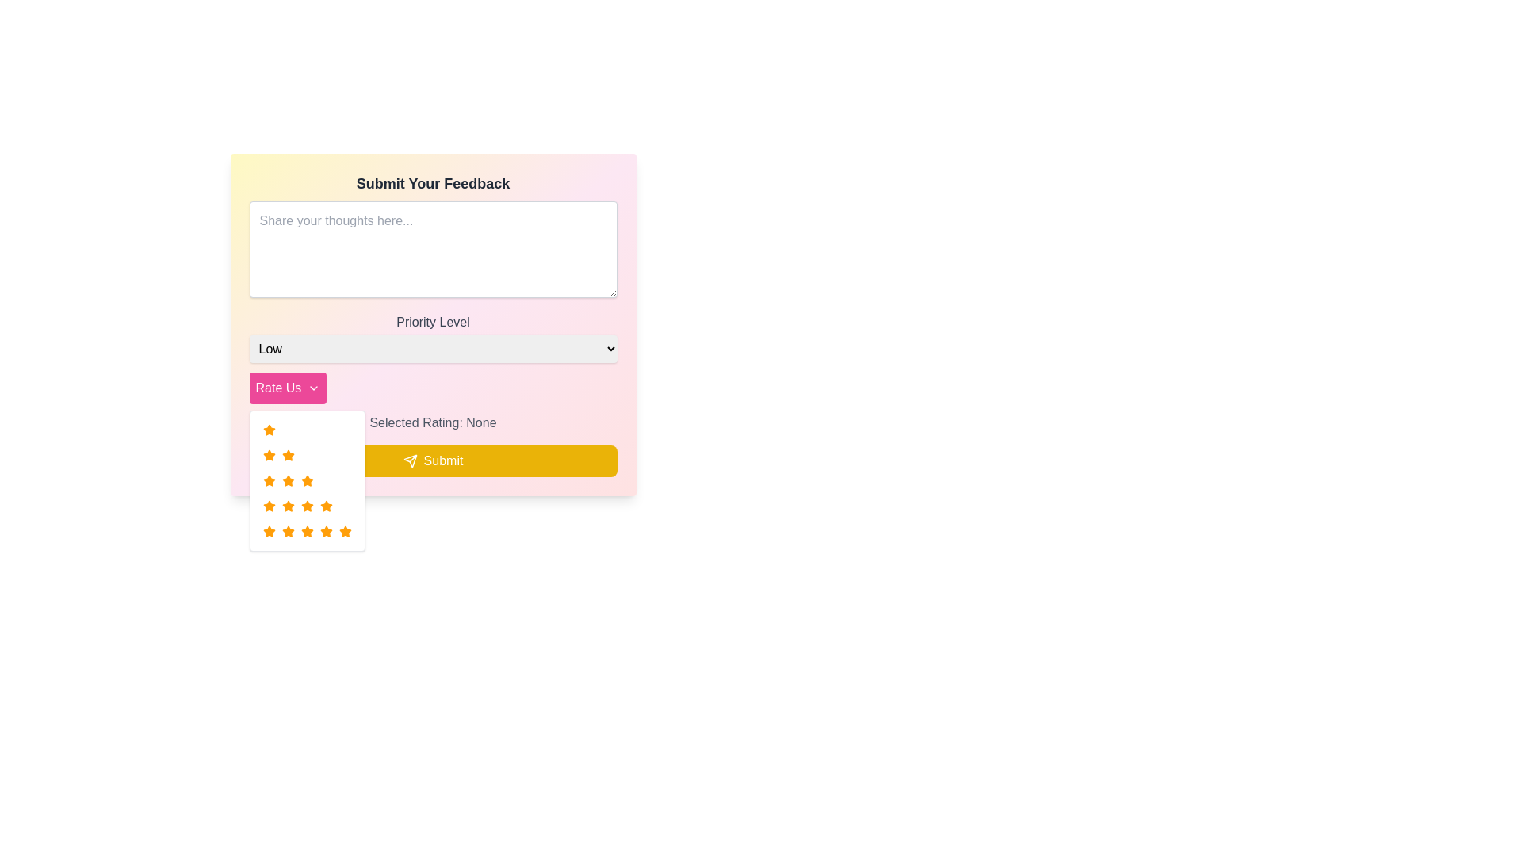 The height and width of the screenshot is (856, 1522). I want to click on the first star button, so click(269, 531).